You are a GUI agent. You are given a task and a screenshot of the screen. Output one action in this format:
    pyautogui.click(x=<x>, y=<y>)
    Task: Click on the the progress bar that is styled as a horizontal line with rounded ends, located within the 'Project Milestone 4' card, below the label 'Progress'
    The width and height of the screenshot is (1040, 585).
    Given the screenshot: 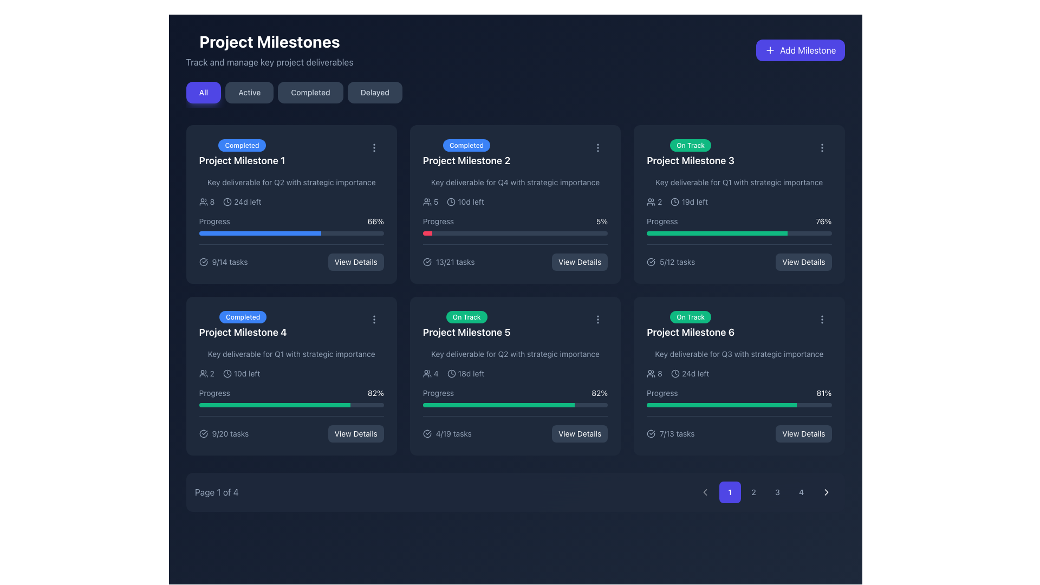 What is the action you would take?
    pyautogui.click(x=291, y=405)
    